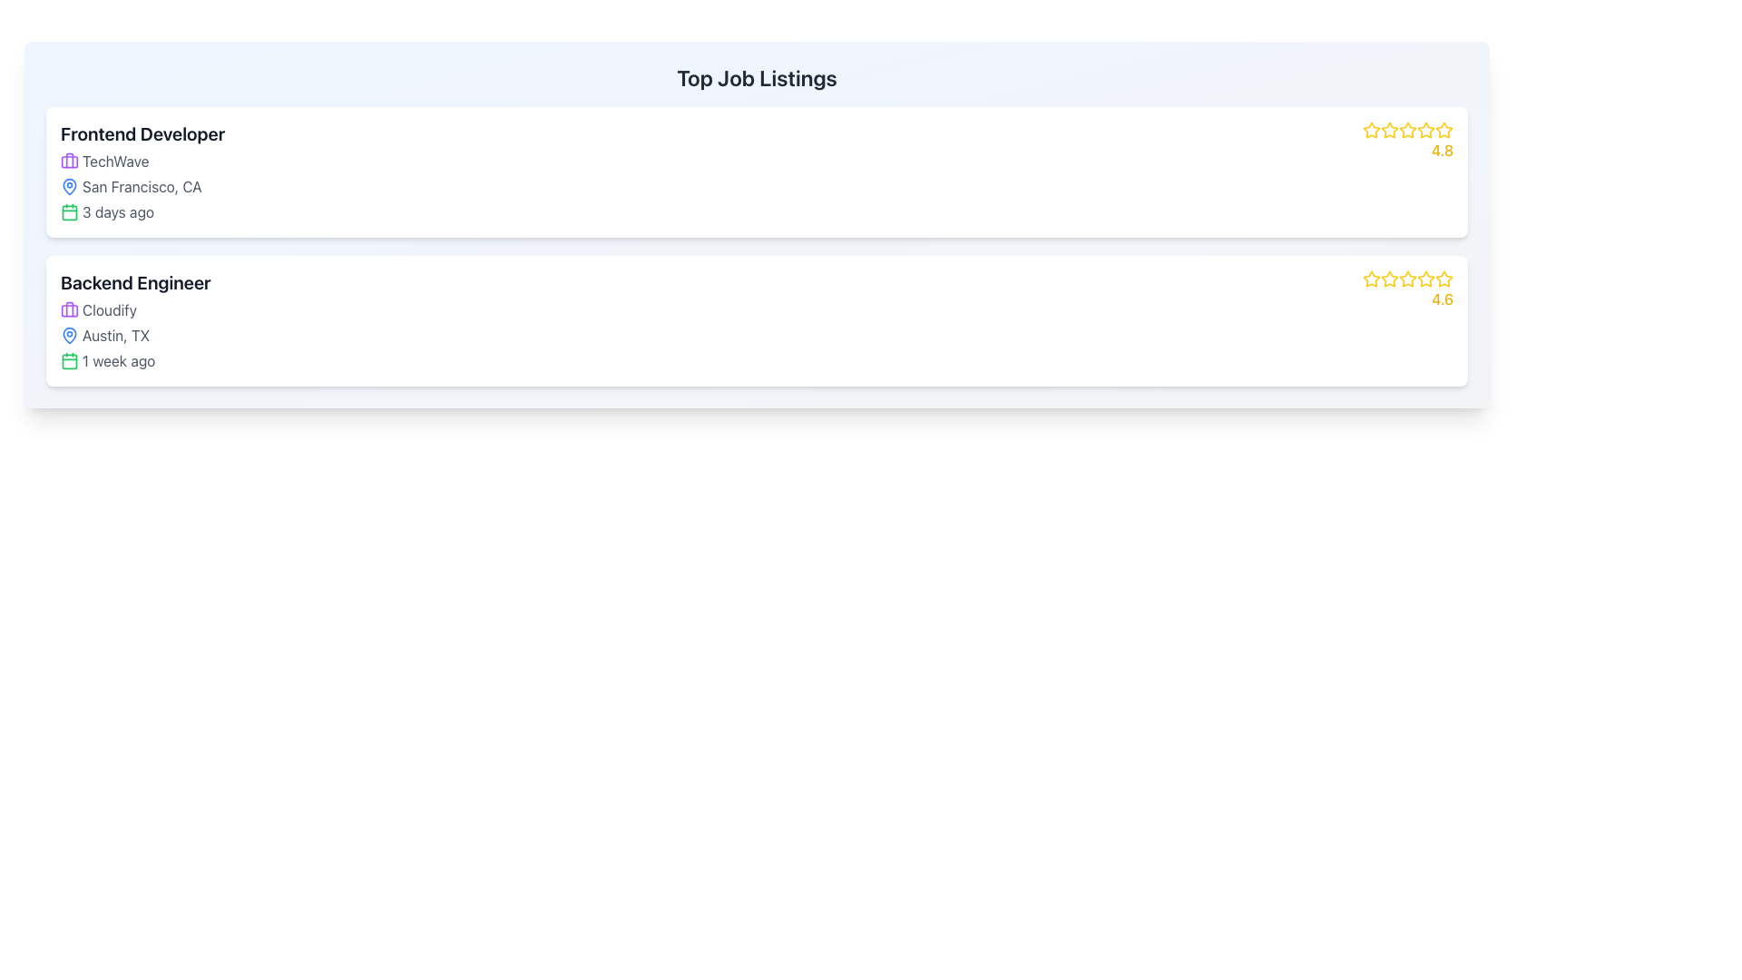  Describe the element at coordinates (69, 160) in the screenshot. I see `the decorative icon associated with the 'TechWave' organization in the first job listing card for interaction, if enabled` at that location.